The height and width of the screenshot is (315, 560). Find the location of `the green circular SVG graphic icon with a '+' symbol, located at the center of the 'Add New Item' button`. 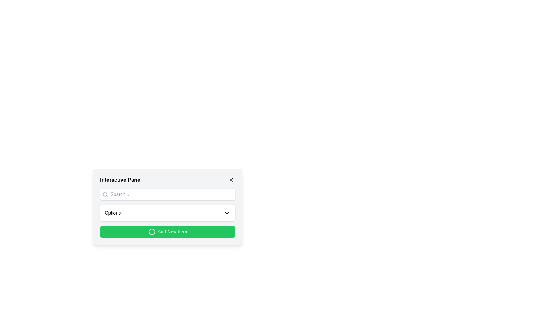

the green circular SVG graphic icon with a '+' symbol, located at the center of the 'Add New Item' button is located at coordinates (152, 231).